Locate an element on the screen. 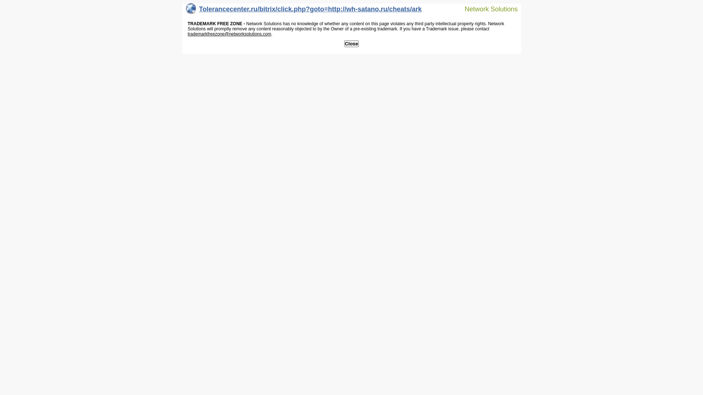 This screenshot has width=703, height=395. 'Close' is located at coordinates (351, 44).